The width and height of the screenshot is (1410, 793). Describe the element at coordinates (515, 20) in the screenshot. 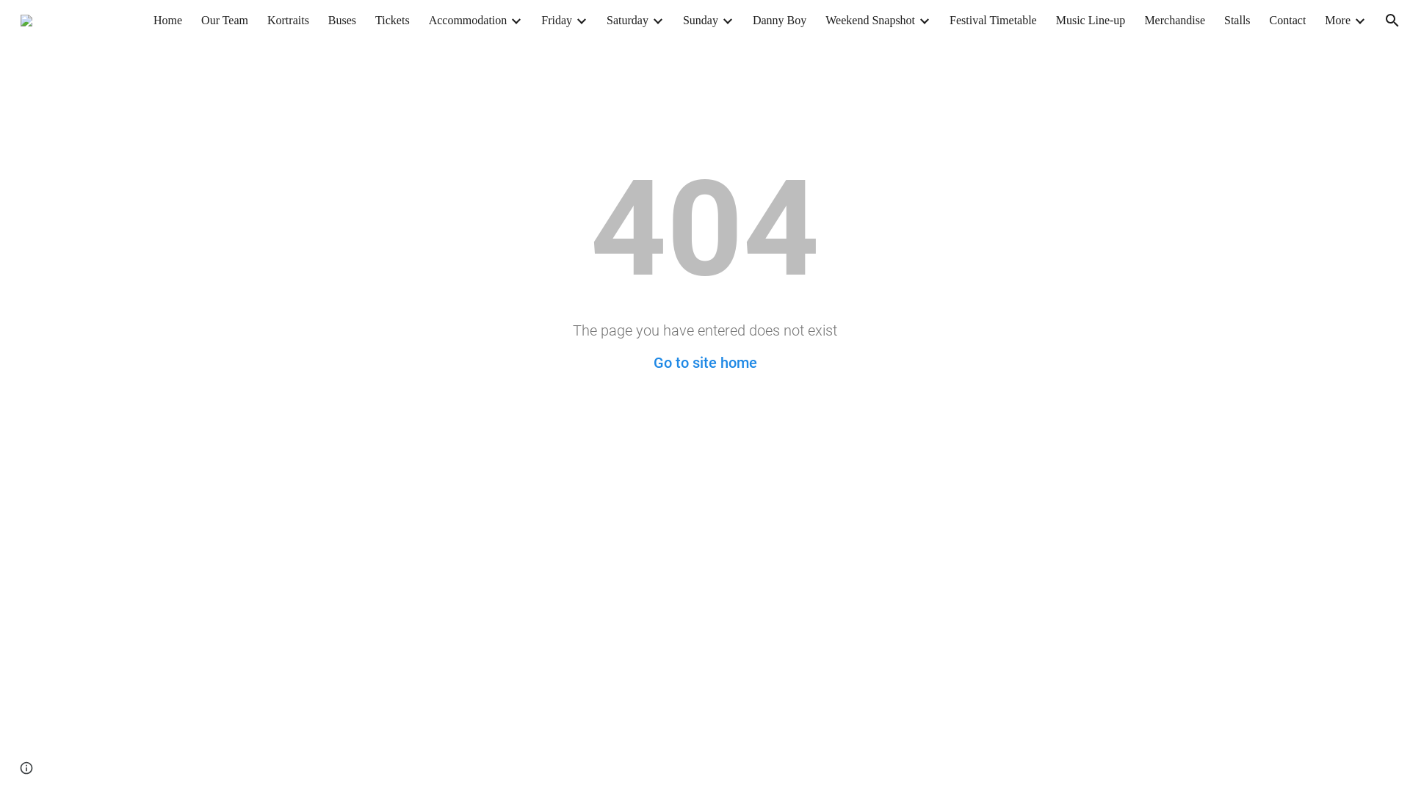

I see `'Expand/Collapse'` at that location.